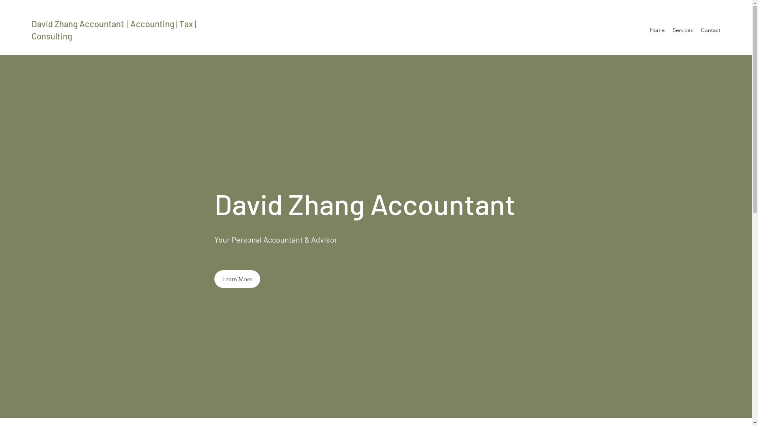 The height and width of the screenshot is (426, 758). I want to click on 'Learn More', so click(236, 278).